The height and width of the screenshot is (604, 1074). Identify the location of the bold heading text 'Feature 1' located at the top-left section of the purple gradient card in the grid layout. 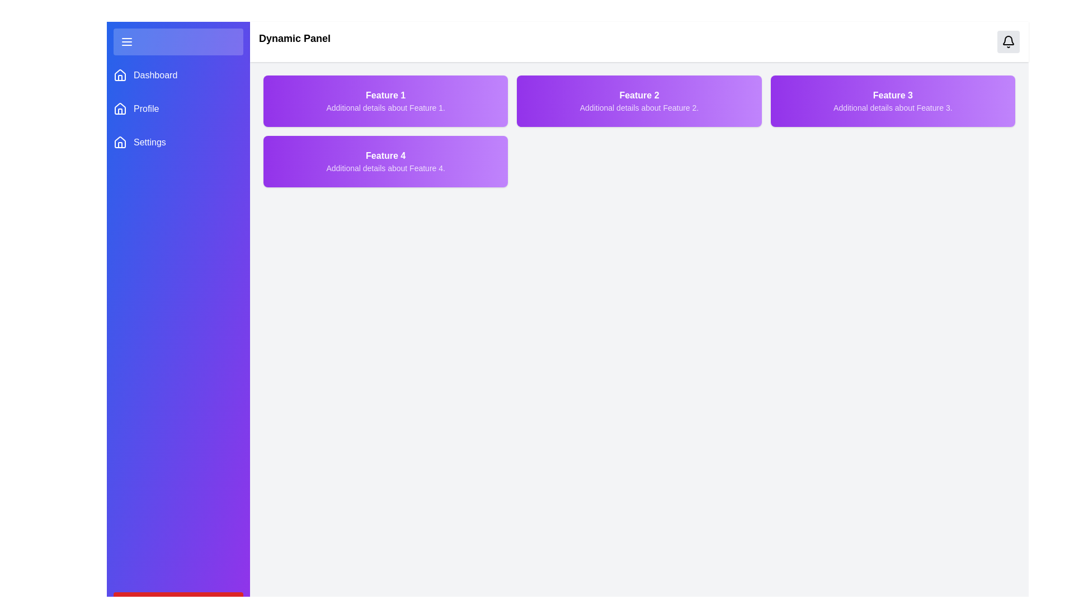
(385, 95).